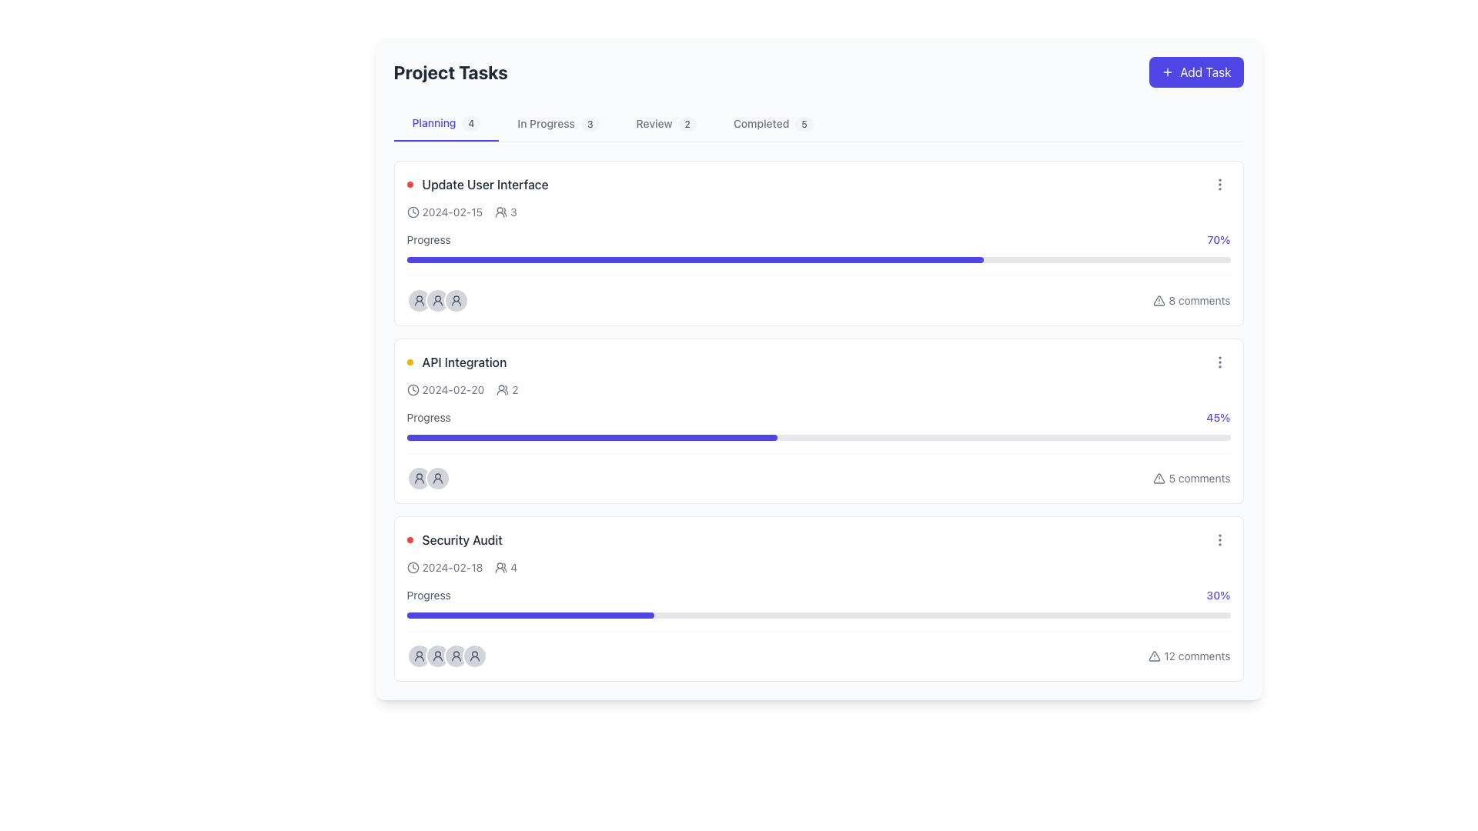  What do you see at coordinates (429, 595) in the screenshot?
I see `the text label that indicates the progress percentage in the 'Security Audit' section, which is positioned to the left of the percentage value '30%' and above the associated progress bar` at bounding box center [429, 595].